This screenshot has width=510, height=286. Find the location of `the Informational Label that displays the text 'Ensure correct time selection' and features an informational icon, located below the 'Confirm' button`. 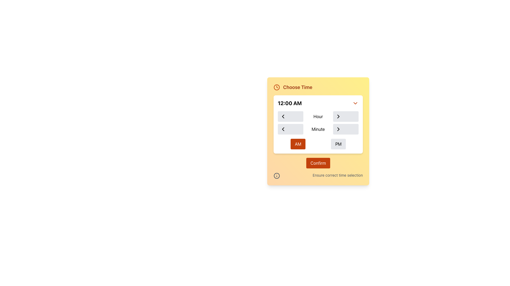

the Informational Label that displays the text 'Ensure correct time selection' and features an informational icon, located below the 'Confirm' button is located at coordinates (318, 176).